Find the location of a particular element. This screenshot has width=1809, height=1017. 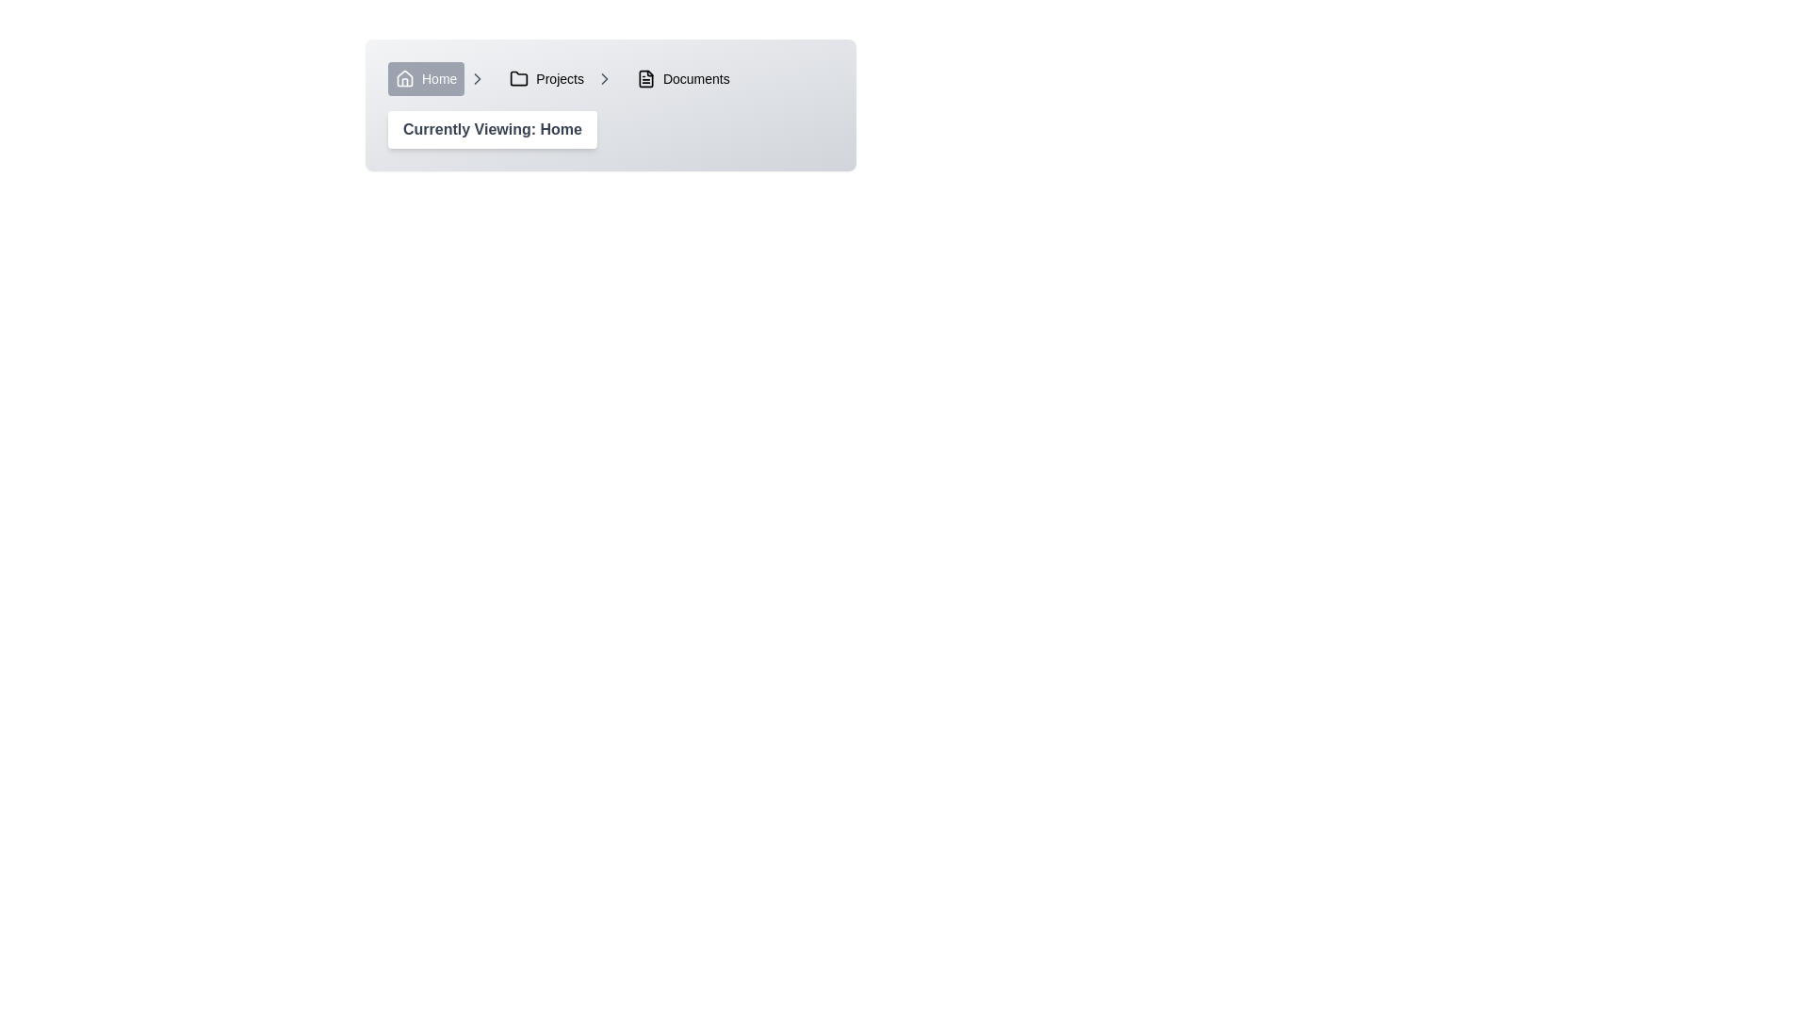

the Navigation arrow icon located between the 'Home' button and the 'Projects' button in the breadcrumb navigation bar is located at coordinates (604, 78).